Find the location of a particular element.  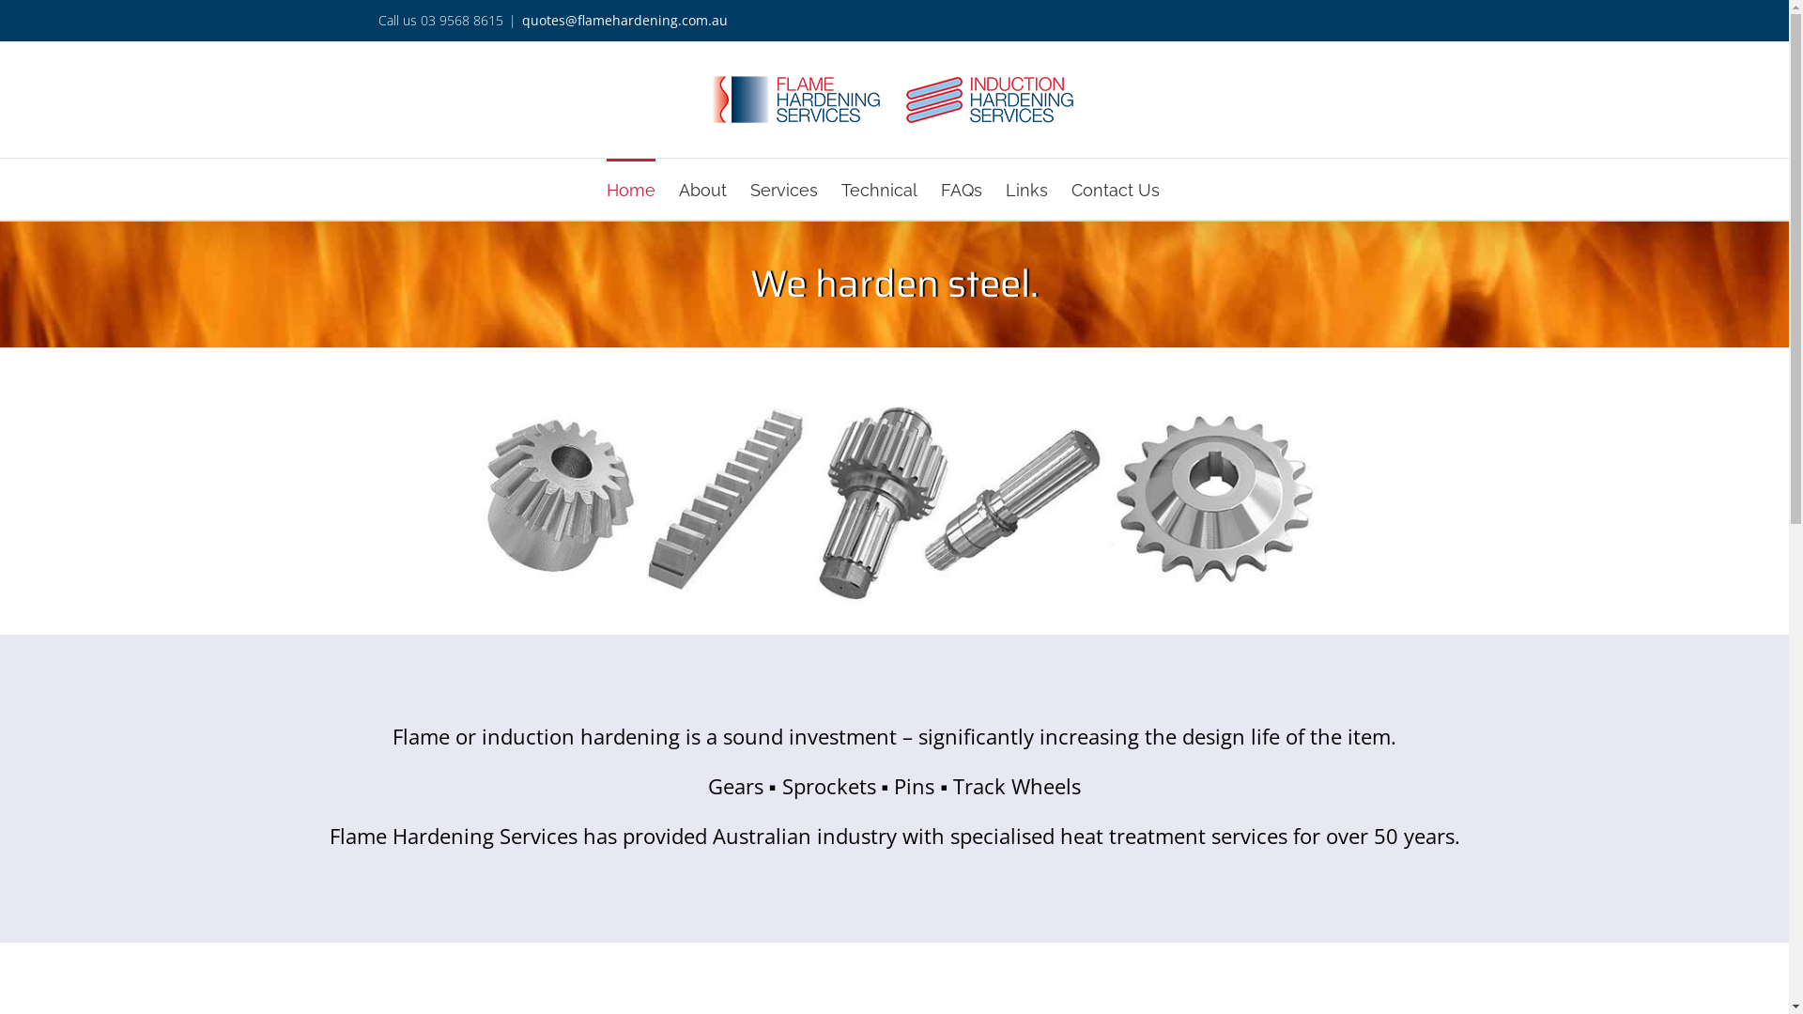

'home-header-4' is located at coordinates (460, 499).